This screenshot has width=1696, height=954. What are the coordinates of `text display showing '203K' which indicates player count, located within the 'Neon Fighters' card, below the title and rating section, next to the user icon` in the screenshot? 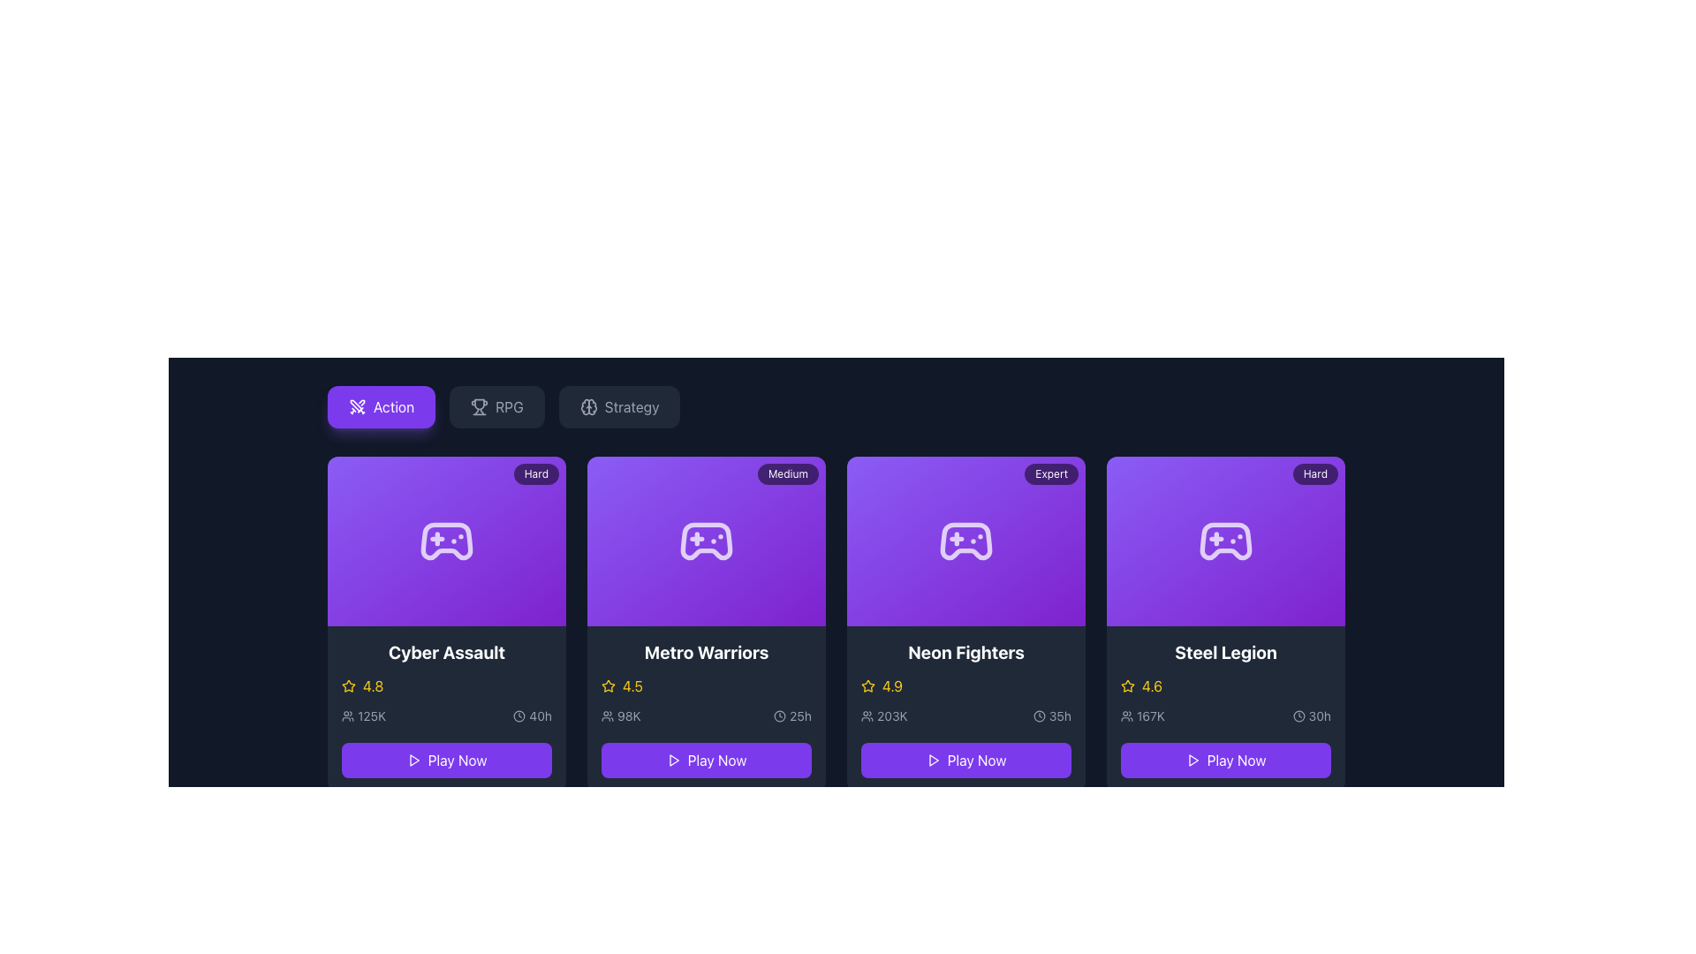 It's located at (892, 715).